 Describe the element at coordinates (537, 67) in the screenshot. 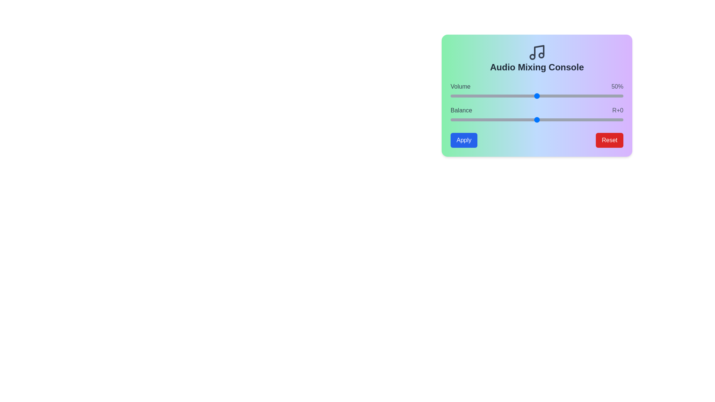

I see `the text element displaying 'Audio Mixing Console', which is centrally positioned below a musical note icon` at that location.